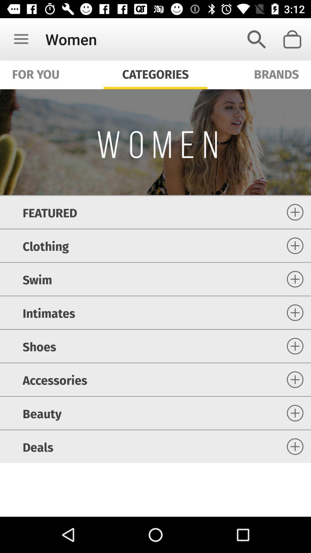  I want to click on item above the deals, so click(42, 413).